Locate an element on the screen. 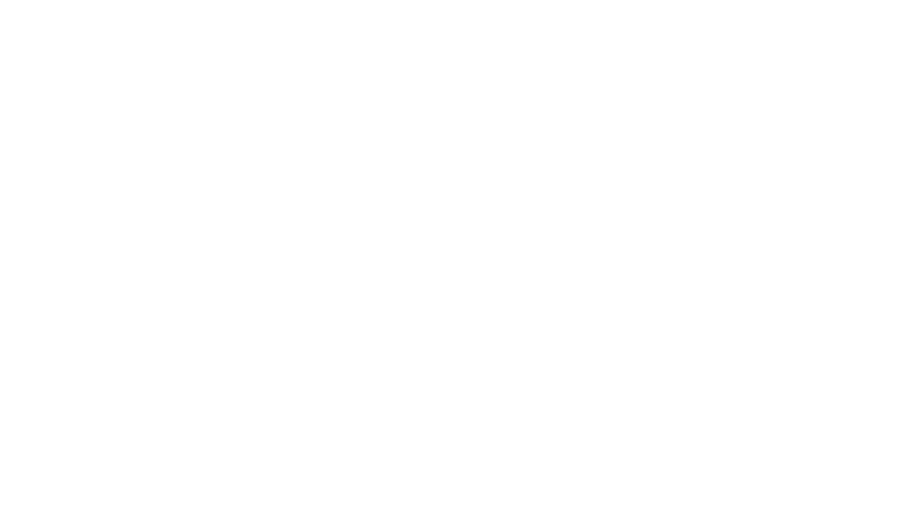 The width and height of the screenshot is (900, 515). 'ISI Inspection, March 2022' is located at coordinates (316, 316).